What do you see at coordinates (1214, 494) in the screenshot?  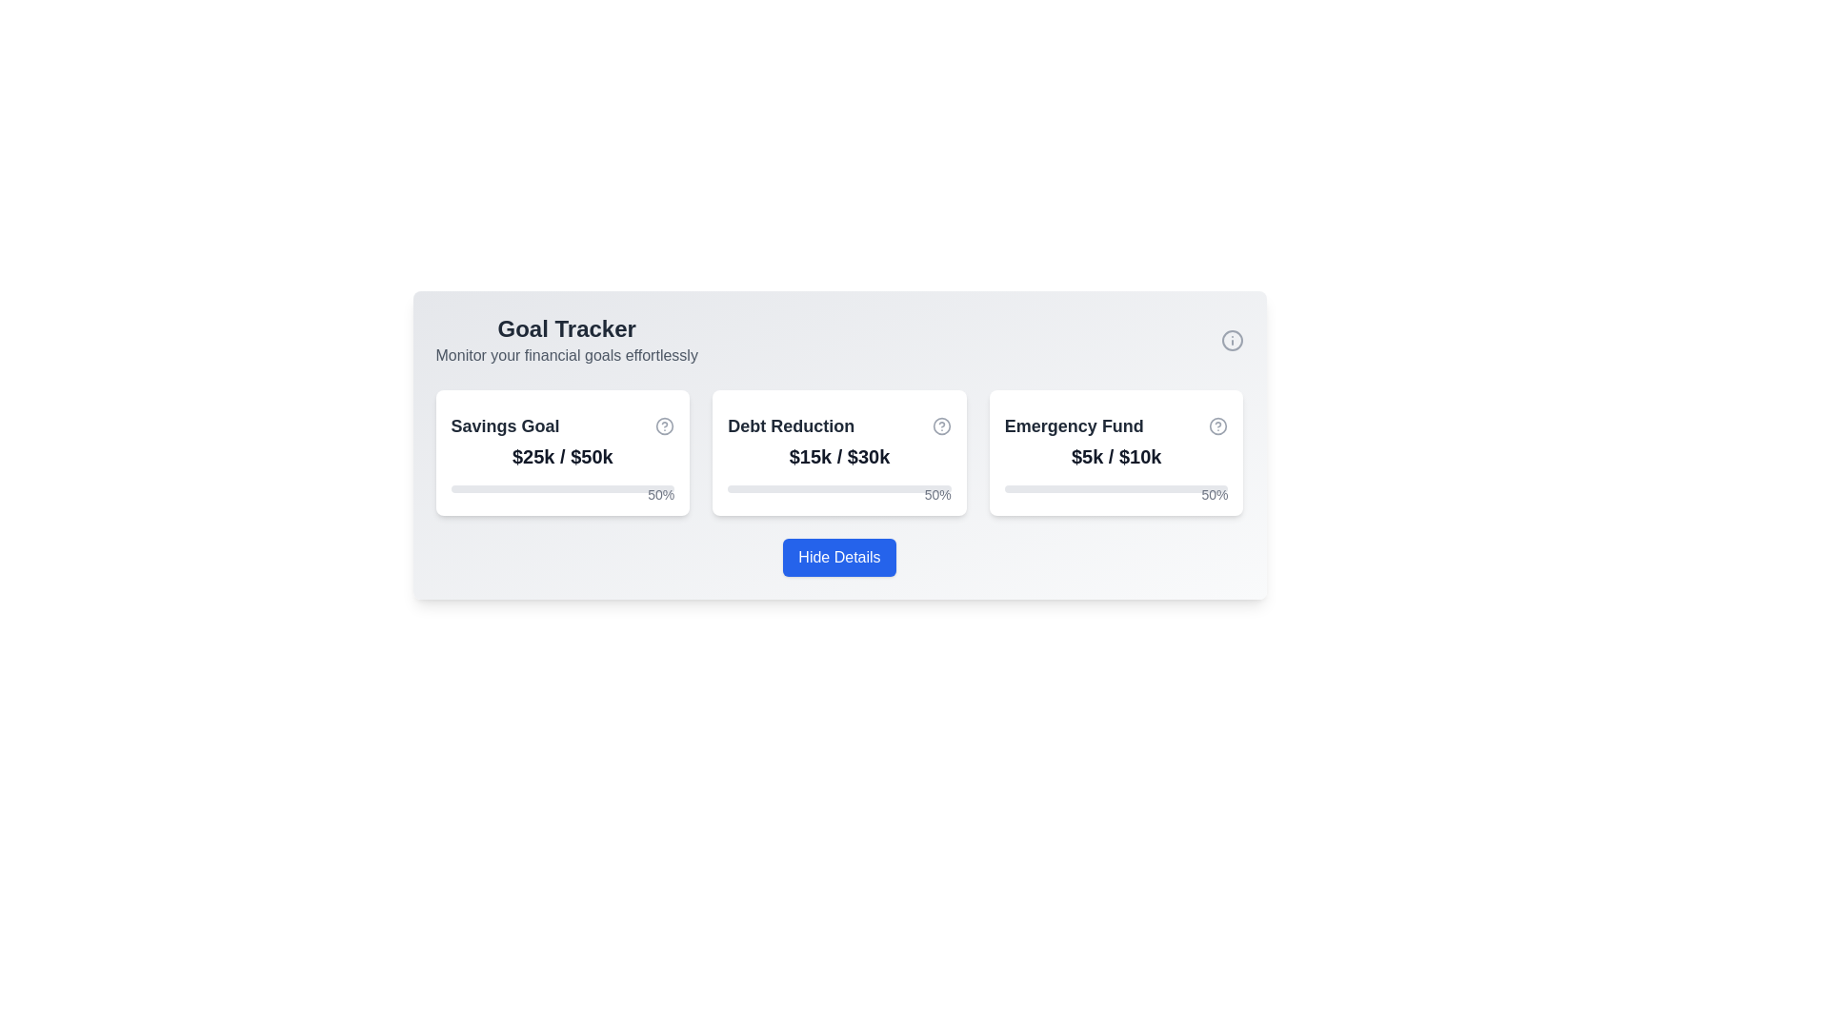 I see `the textual percentage indicator reading '50%' that is styled in small gray text and positioned at the top-right corner of the 'Emergency Fund' progress bar` at bounding box center [1214, 494].